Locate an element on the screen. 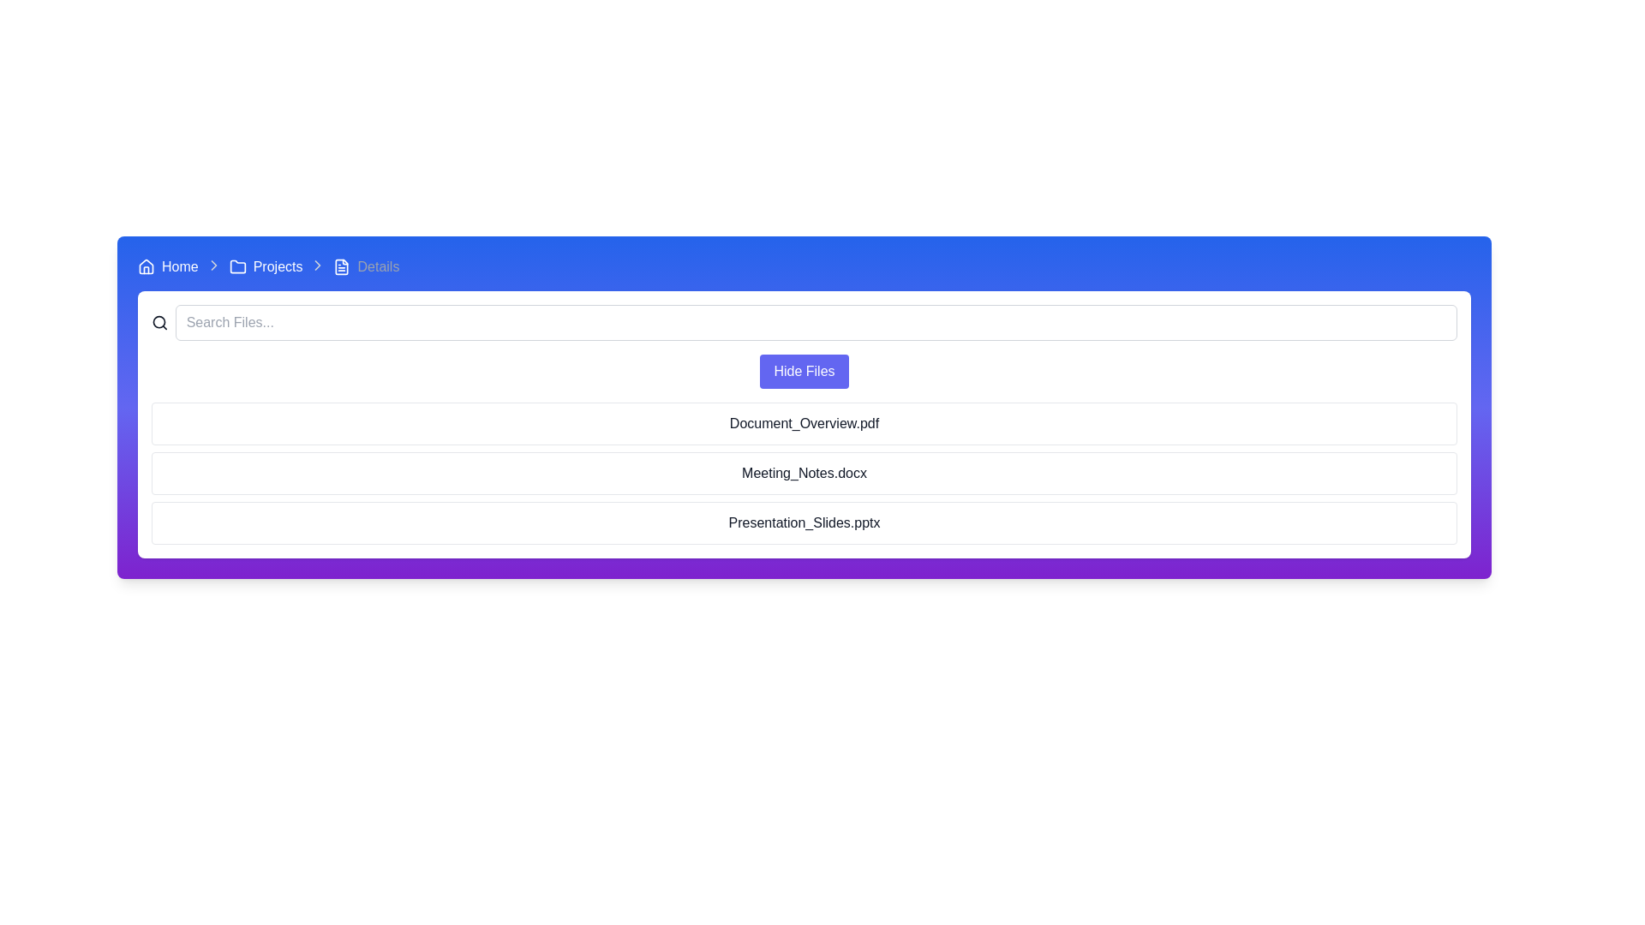  the file item labeled 'Presentation_Slides.pptx' is located at coordinates (804, 522).